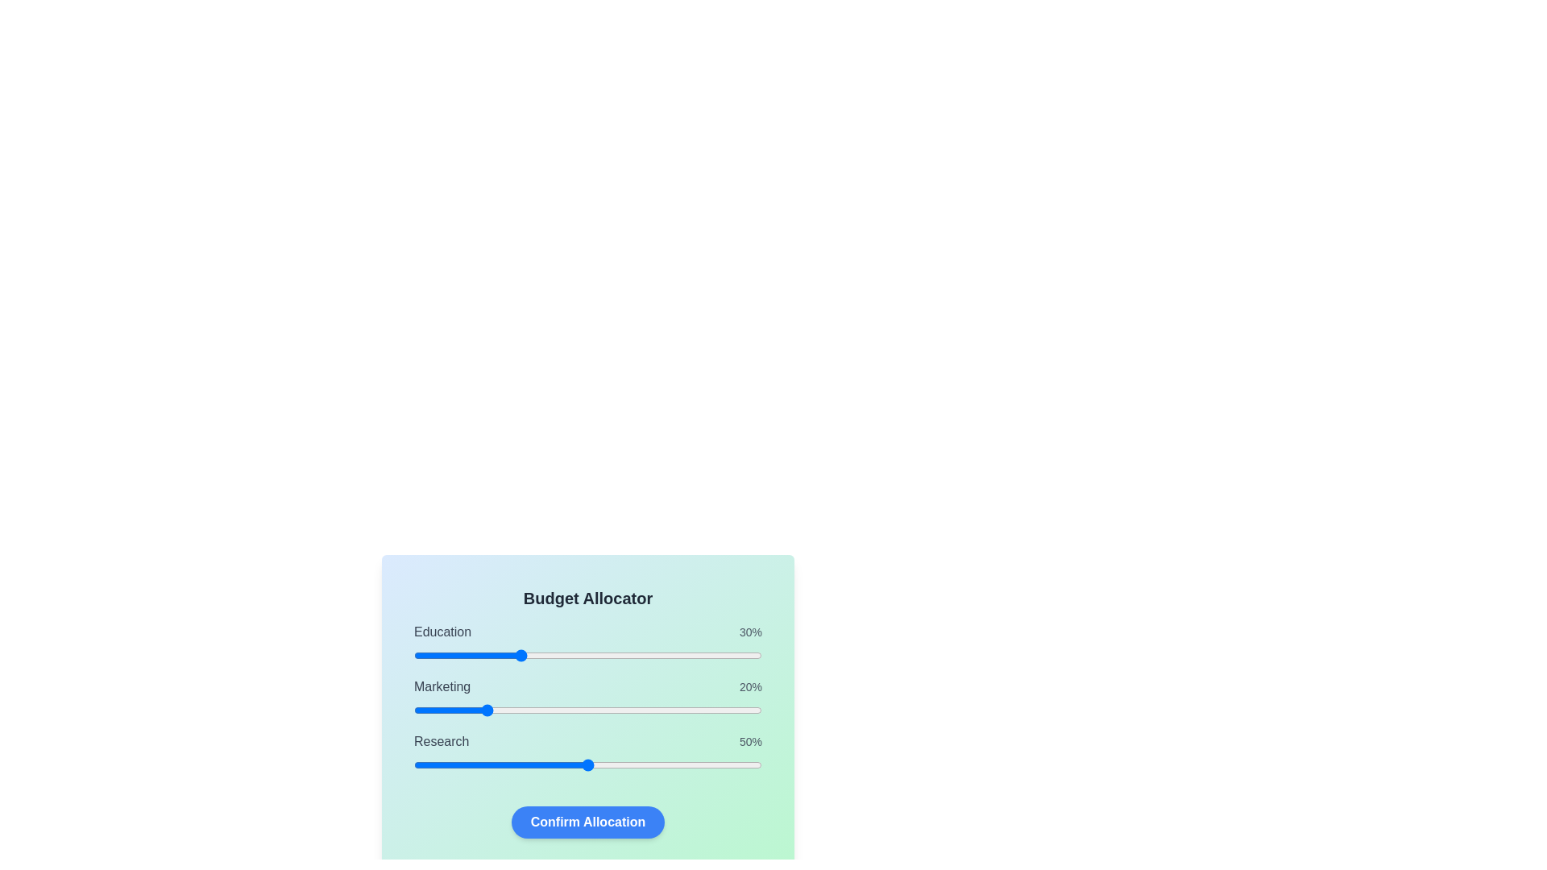 Image resolution: width=1547 pixels, height=870 pixels. Describe the element at coordinates (696, 655) in the screenshot. I see `the Education slider to 81%` at that location.